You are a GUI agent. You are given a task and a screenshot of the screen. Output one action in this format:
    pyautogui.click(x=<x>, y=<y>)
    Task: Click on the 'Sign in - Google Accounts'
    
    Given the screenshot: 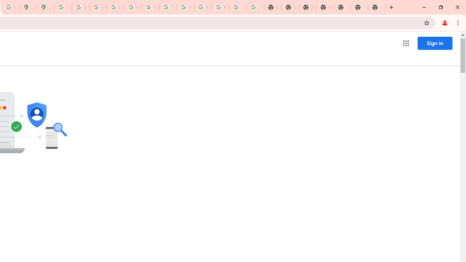 What is the action you would take?
    pyautogui.click(x=63, y=7)
    